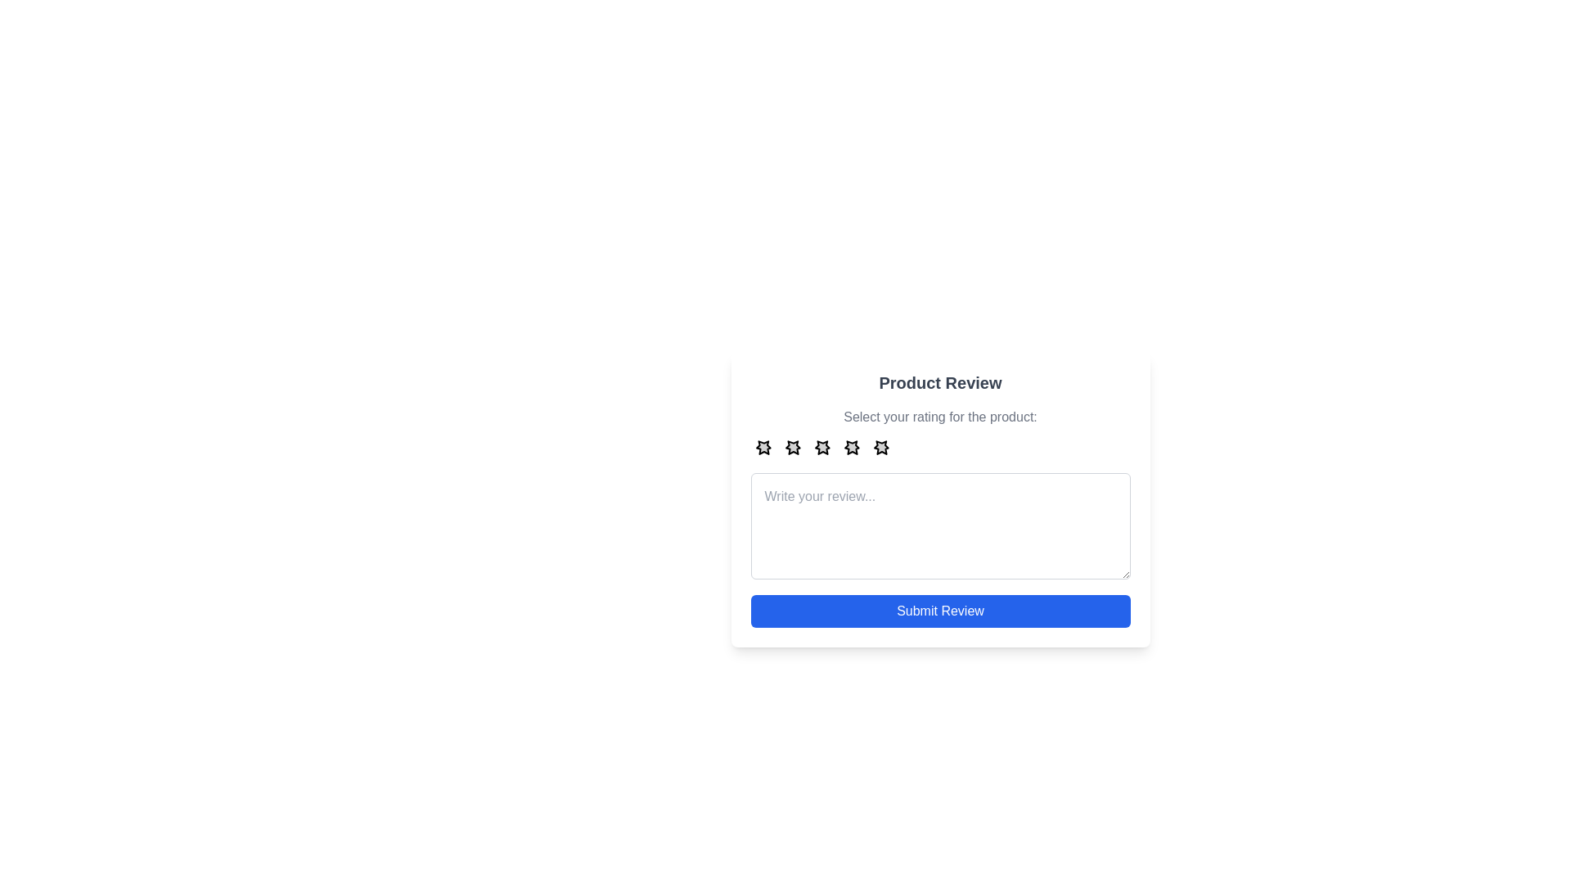 The image size is (1571, 884). I want to click on the star corresponding to the rating 2 to select it, so click(793, 447).